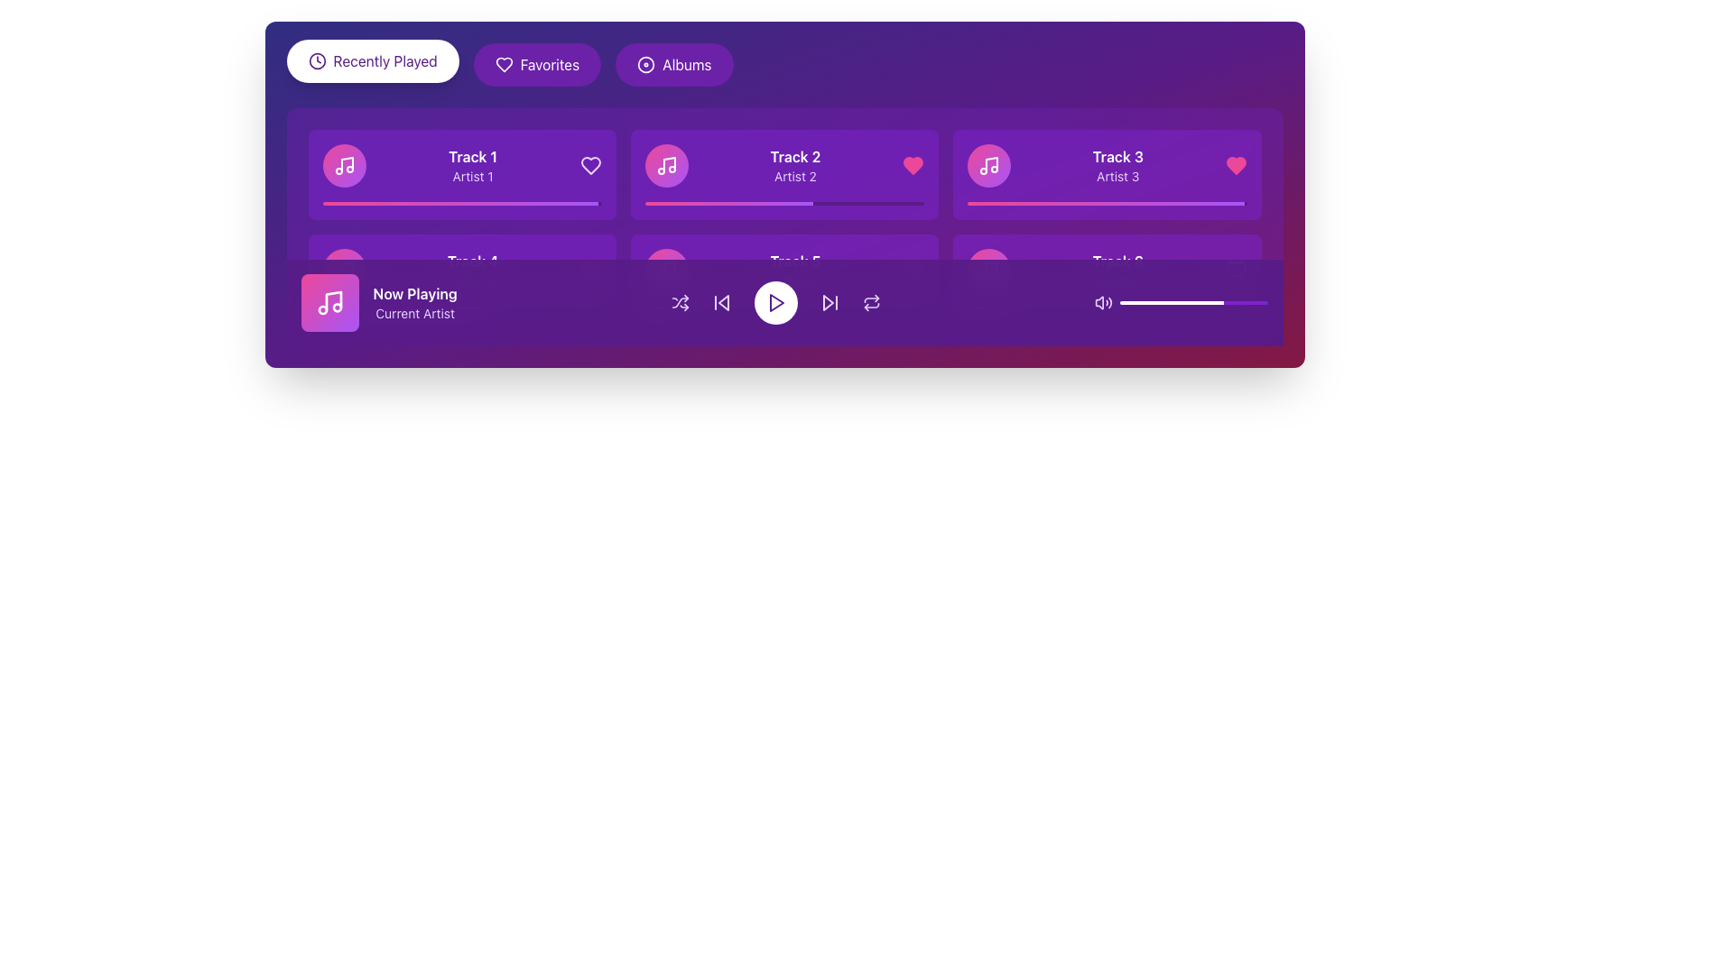  Describe the element at coordinates (784, 166) in the screenshot. I see `the track title 'Track 2' in the List Item element` at that location.